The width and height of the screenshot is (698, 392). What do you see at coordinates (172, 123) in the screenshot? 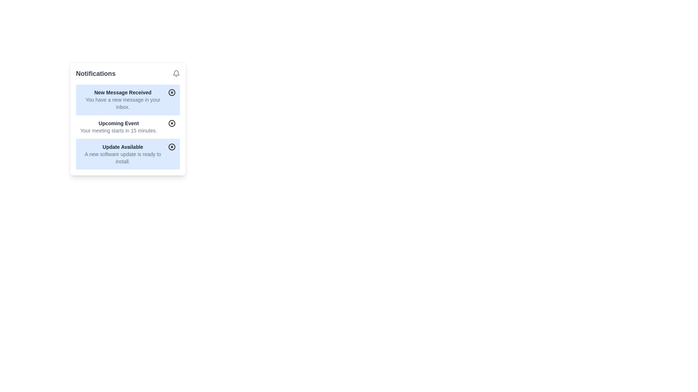
I see `the close button of the notification related to the upcoming event, located` at bounding box center [172, 123].